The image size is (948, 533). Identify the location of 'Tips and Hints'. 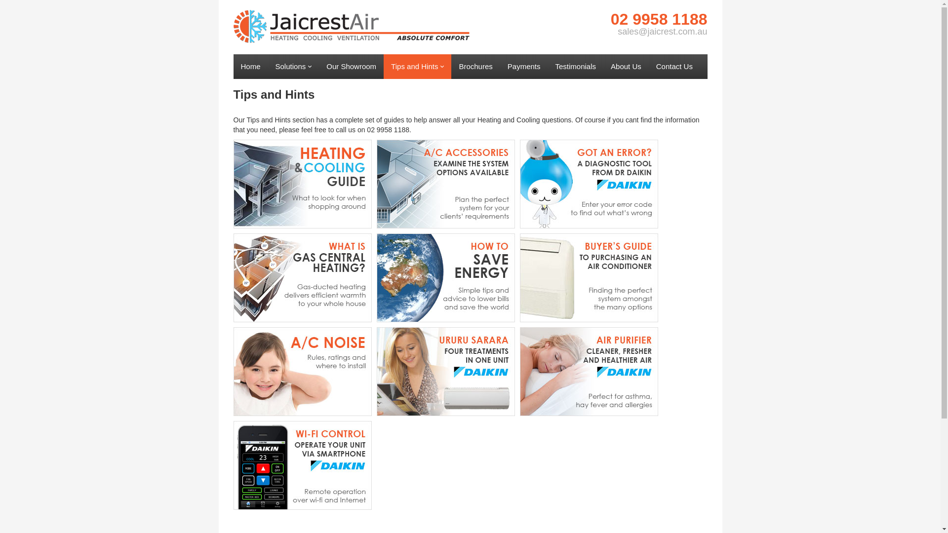
(417, 67).